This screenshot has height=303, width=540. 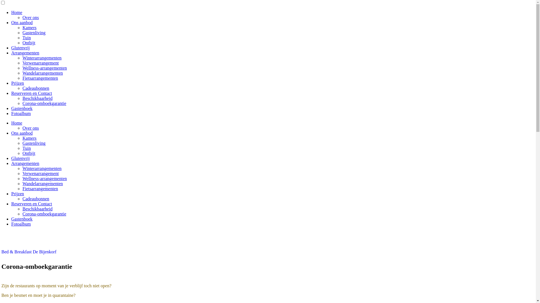 I want to click on 'Home', so click(x=17, y=123).